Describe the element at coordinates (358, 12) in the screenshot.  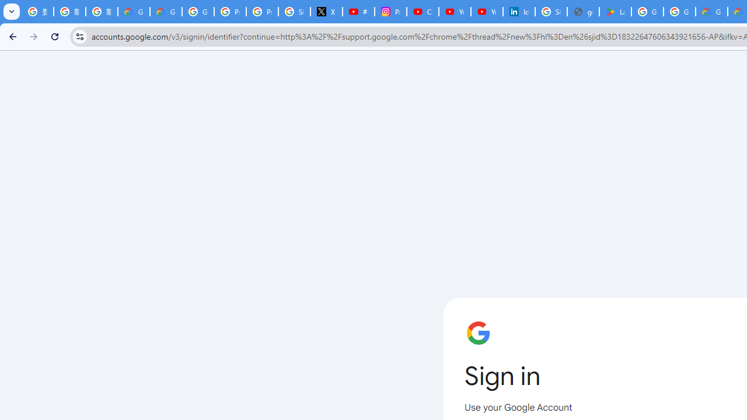
I see `'#nbabasketballhighlights - YouTube'` at that location.